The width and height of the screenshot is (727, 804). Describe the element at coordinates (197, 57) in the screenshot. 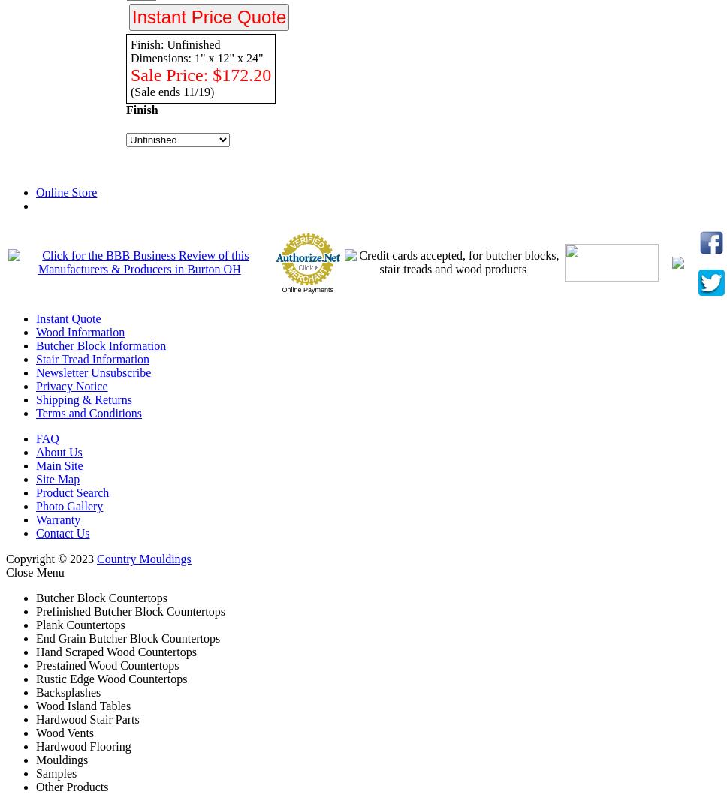

I see `'Dimensions: 1" x 12" x 24"'` at that location.